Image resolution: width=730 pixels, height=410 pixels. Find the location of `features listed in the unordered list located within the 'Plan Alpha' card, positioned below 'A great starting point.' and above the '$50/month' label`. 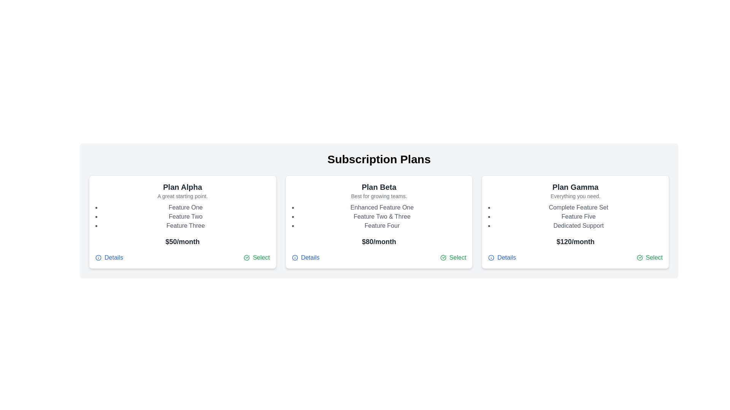

features listed in the unordered list located within the 'Plan Alpha' card, positioned below 'A great starting point.' and above the '$50/month' label is located at coordinates (186, 216).